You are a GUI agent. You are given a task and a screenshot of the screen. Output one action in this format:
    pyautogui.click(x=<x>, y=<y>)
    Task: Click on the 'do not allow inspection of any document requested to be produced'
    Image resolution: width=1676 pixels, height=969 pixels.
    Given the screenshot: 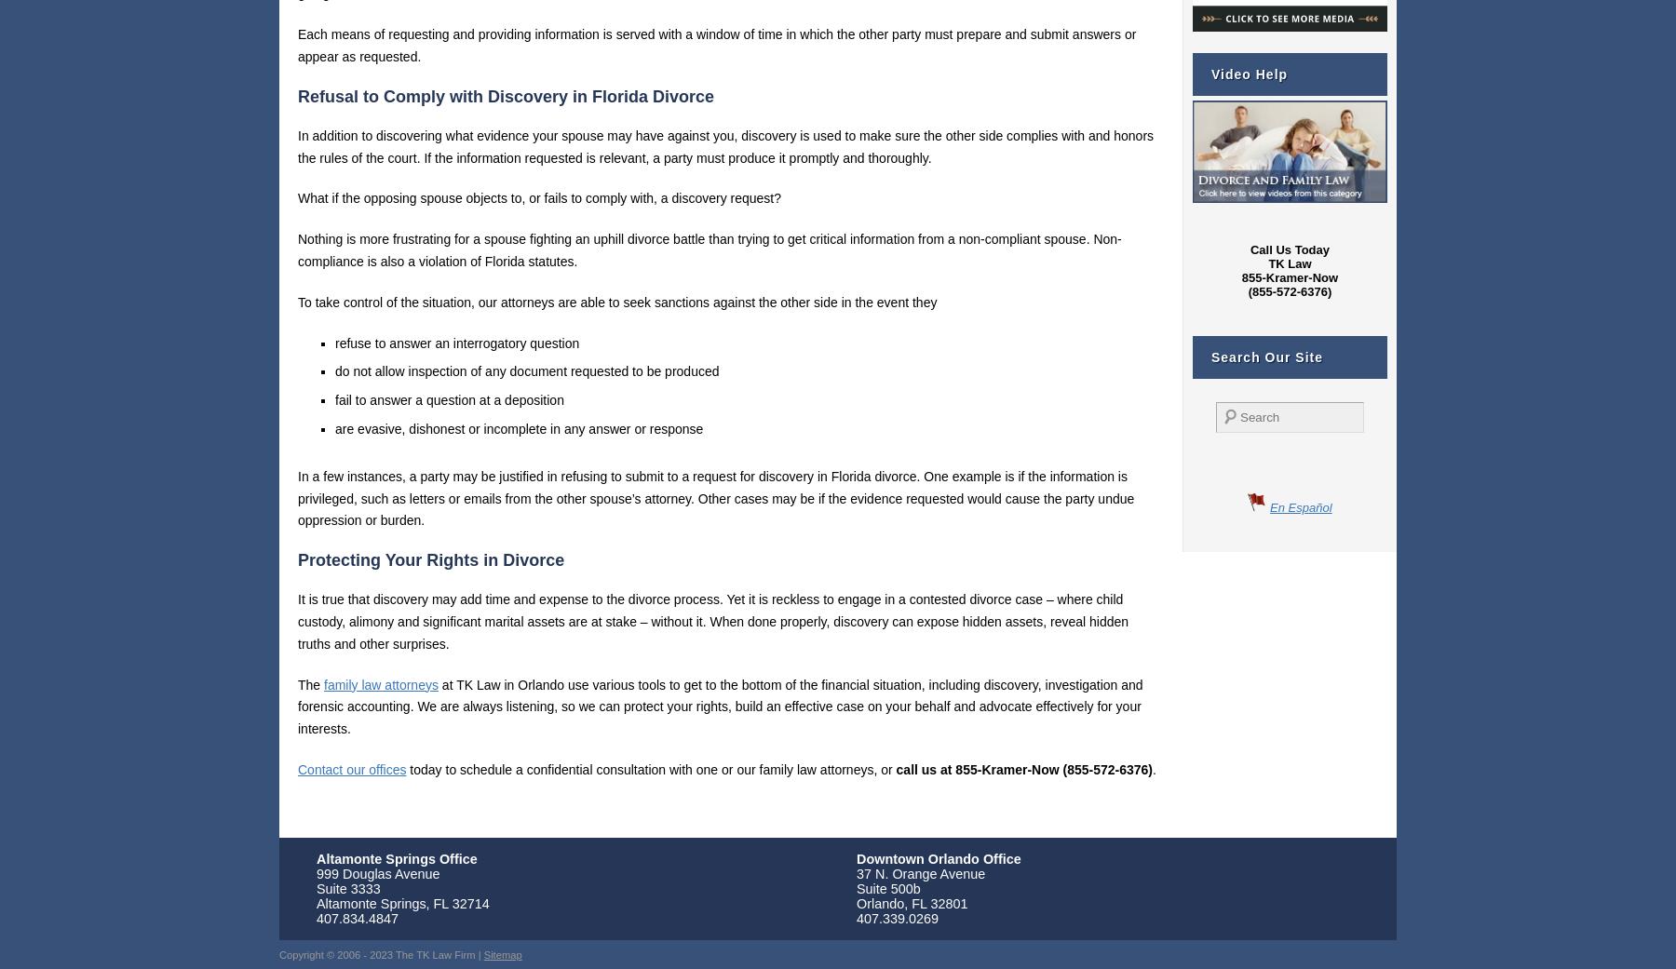 What is the action you would take?
    pyautogui.click(x=526, y=371)
    